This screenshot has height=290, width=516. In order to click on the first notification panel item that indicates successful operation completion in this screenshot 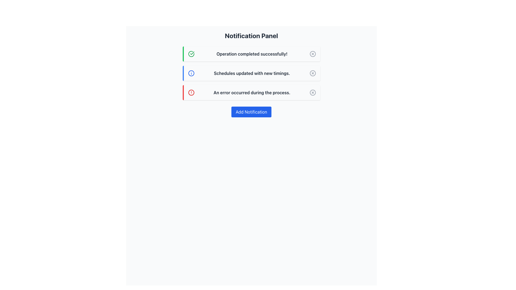, I will do `click(251, 54)`.